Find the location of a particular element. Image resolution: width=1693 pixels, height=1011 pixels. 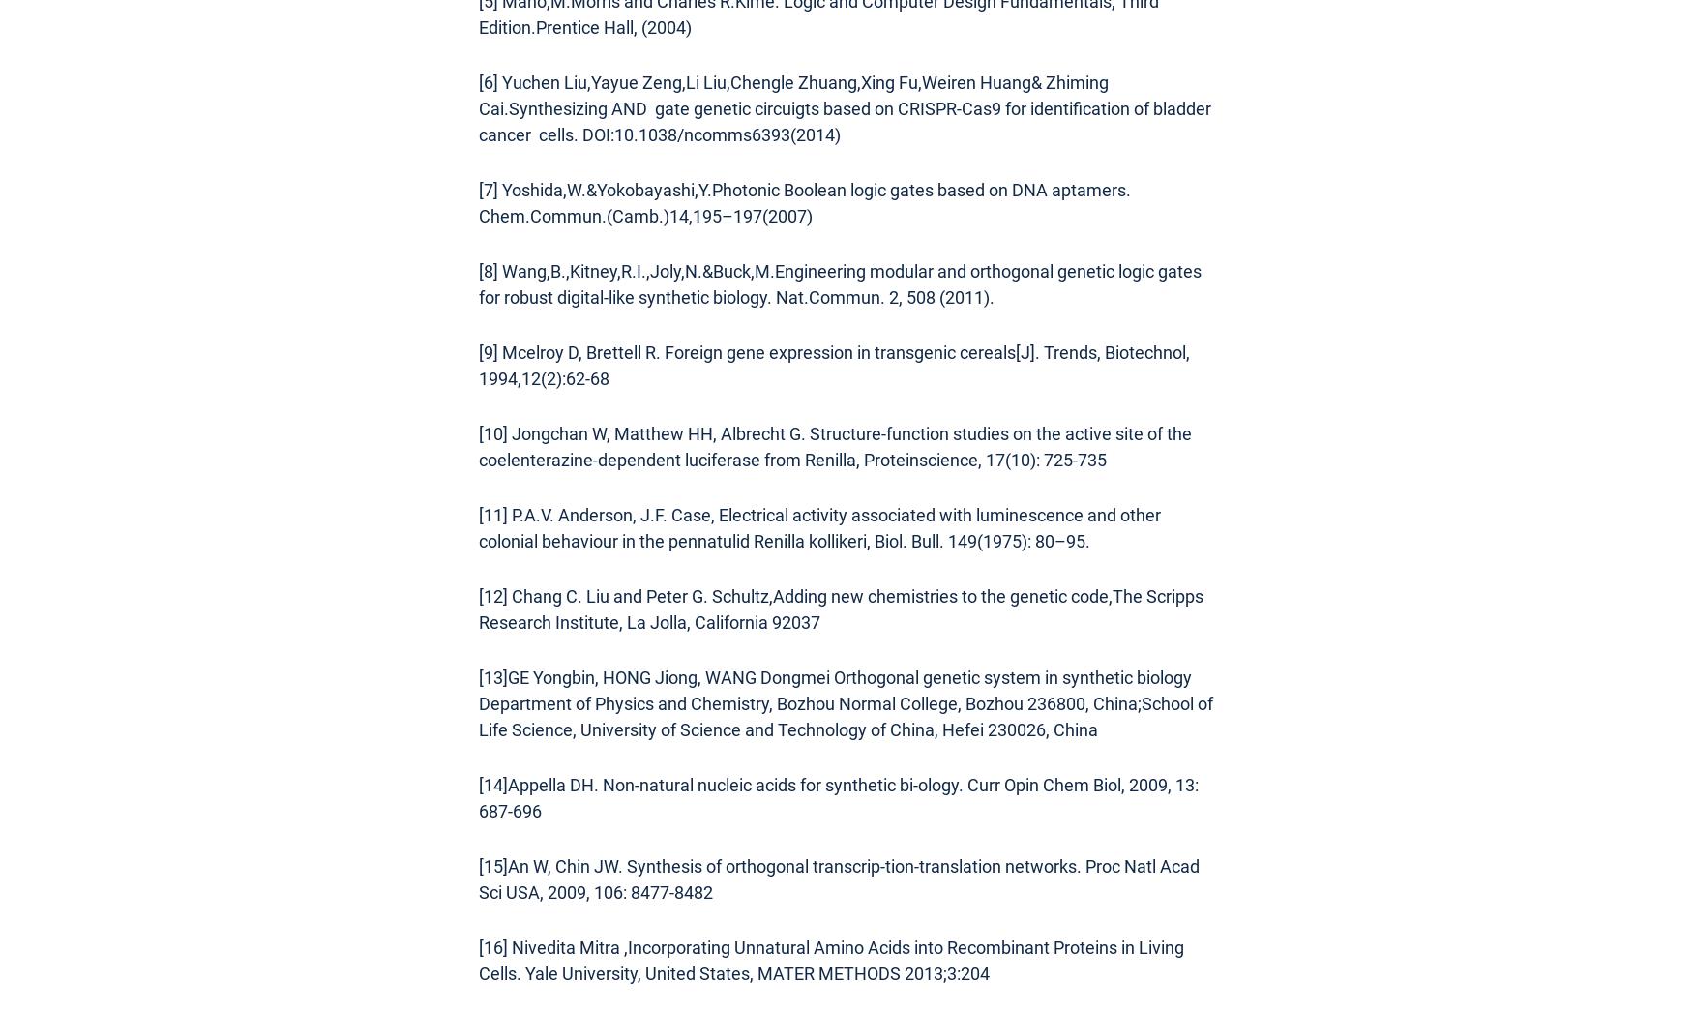

'[12] Chang C. Liu and Peter G. Schultz,Adding new chemistries to the genetic code,The Scripps Research Institute, La Jolla, California 92037' is located at coordinates (841, 609).